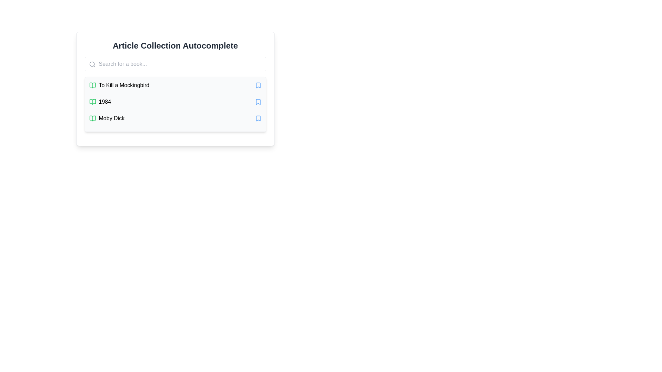  Describe the element at coordinates (91, 64) in the screenshot. I see `the circular part of the magnifying glass icon located at the top-left inside the search input field` at that location.